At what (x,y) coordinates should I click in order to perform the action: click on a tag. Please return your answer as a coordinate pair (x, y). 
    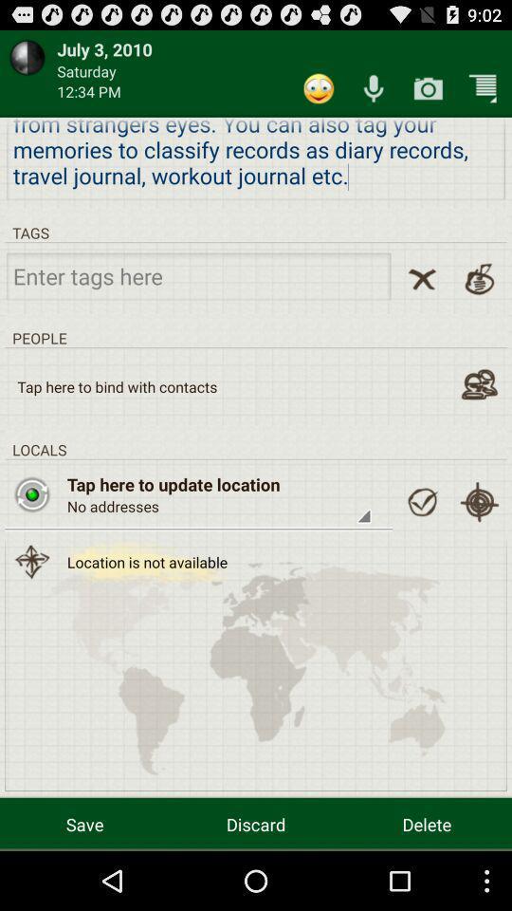
    Looking at the image, I should click on (197, 274).